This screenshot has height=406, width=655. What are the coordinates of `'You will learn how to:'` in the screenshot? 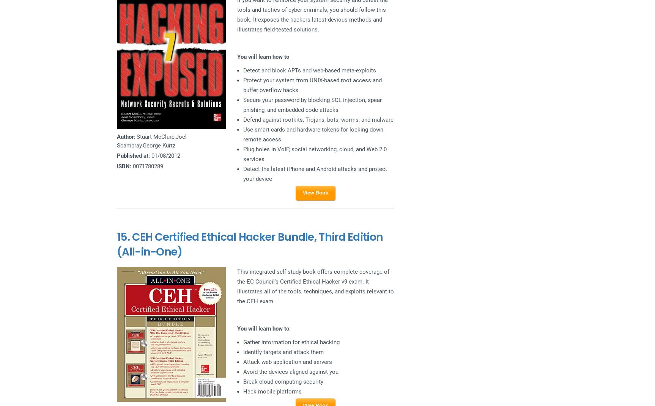 It's located at (236, 328).